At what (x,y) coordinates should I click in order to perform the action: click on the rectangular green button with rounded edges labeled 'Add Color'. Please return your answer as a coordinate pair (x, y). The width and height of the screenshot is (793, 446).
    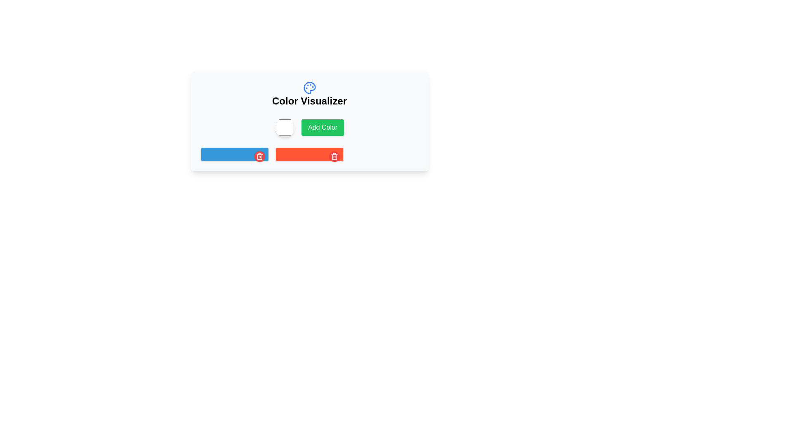
    Looking at the image, I should click on (309, 127).